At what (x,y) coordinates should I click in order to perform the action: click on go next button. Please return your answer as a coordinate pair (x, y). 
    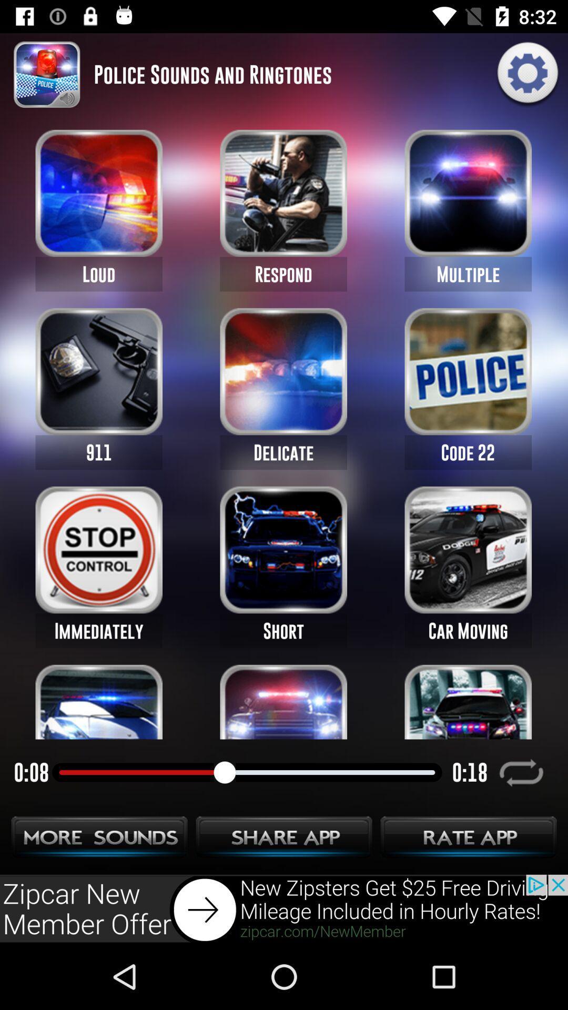
    Looking at the image, I should click on (284, 908).